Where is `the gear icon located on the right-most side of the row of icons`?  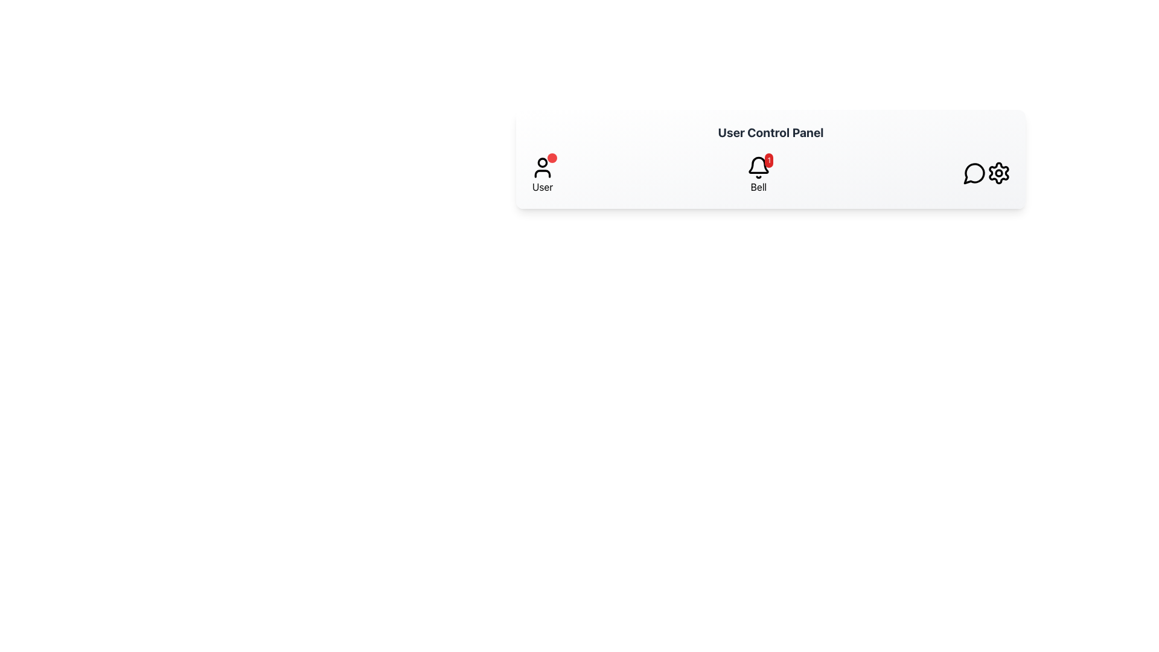 the gear icon located on the right-most side of the row of icons is located at coordinates (999, 173).